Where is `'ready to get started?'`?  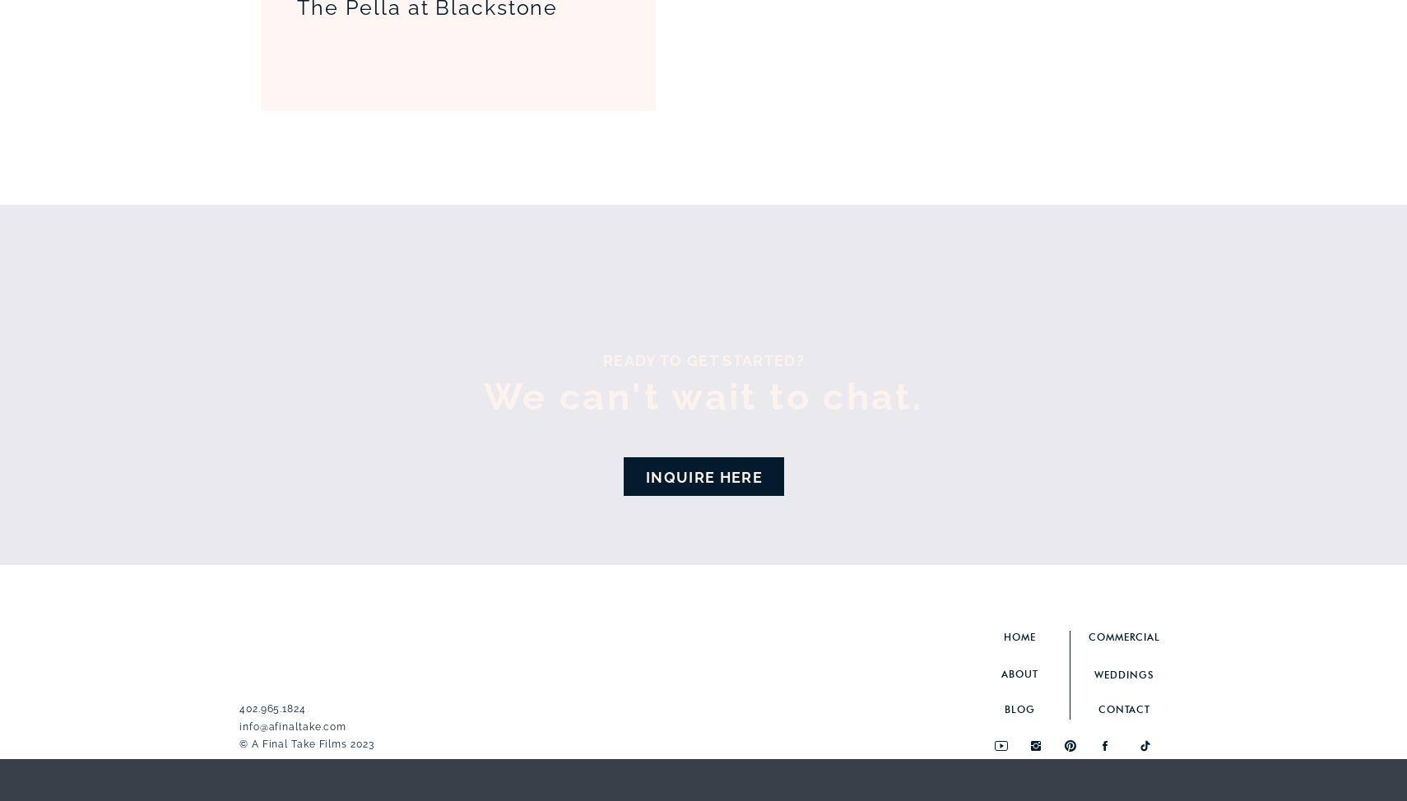
'ready to get started?' is located at coordinates (703, 359).